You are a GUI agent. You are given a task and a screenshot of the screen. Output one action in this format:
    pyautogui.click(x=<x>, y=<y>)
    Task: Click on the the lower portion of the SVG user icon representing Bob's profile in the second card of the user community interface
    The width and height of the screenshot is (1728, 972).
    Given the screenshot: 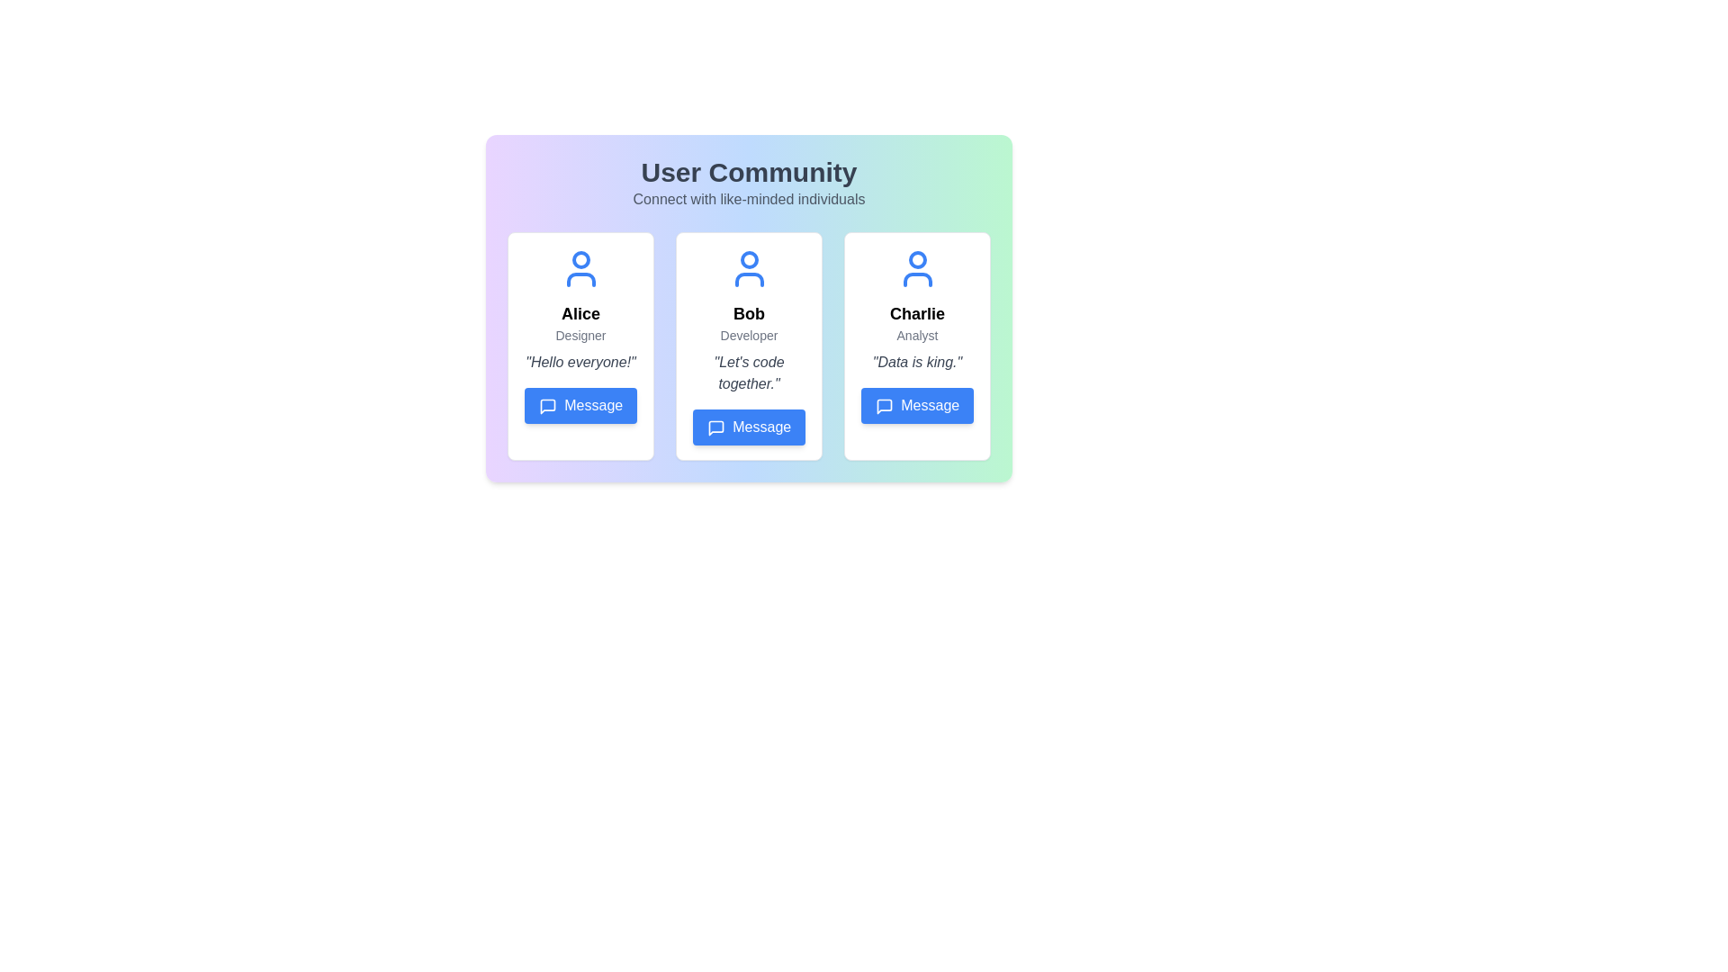 What is the action you would take?
    pyautogui.click(x=749, y=280)
    